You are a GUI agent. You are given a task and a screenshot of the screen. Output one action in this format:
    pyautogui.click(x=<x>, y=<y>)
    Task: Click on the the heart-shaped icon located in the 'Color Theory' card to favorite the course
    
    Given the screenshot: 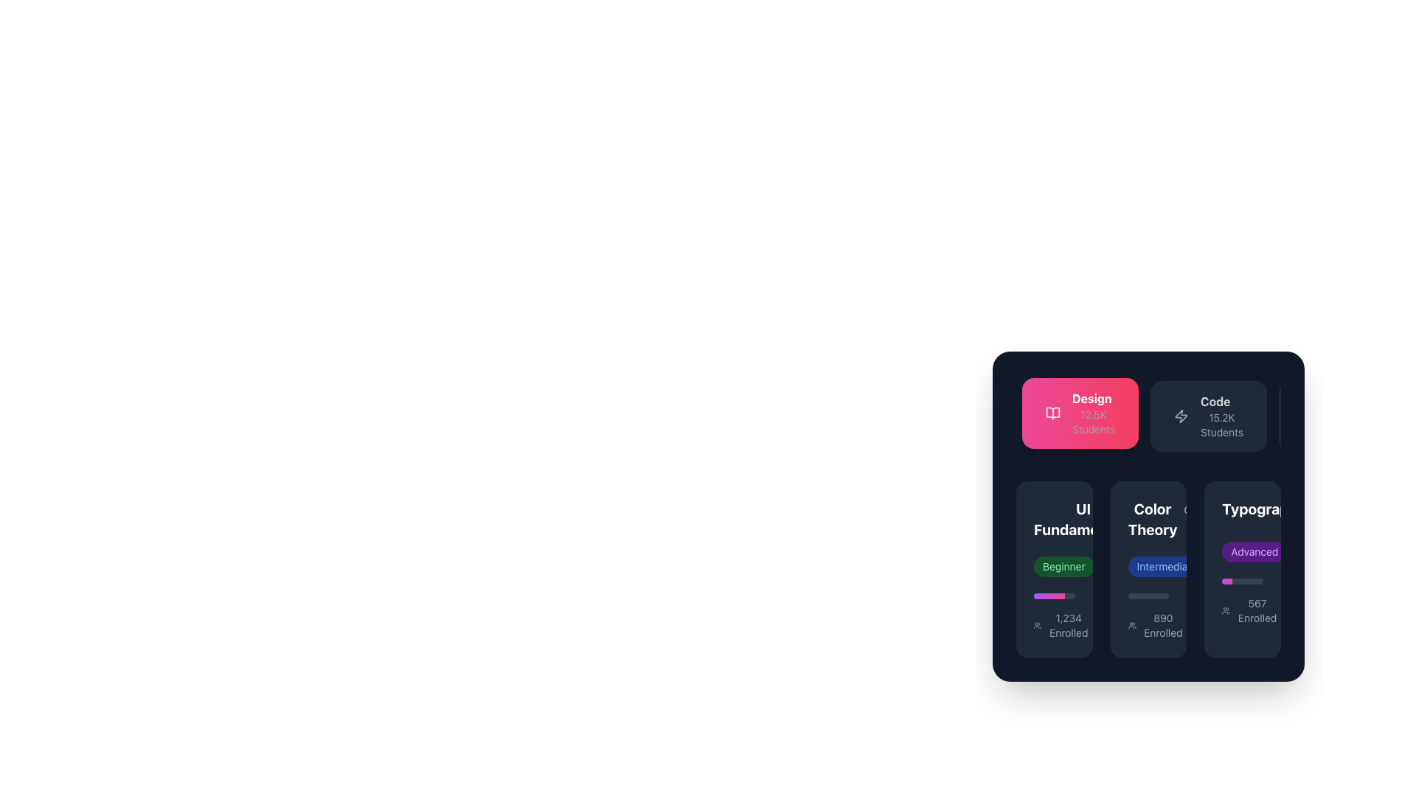 What is the action you would take?
    pyautogui.click(x=1145, y=511)
    